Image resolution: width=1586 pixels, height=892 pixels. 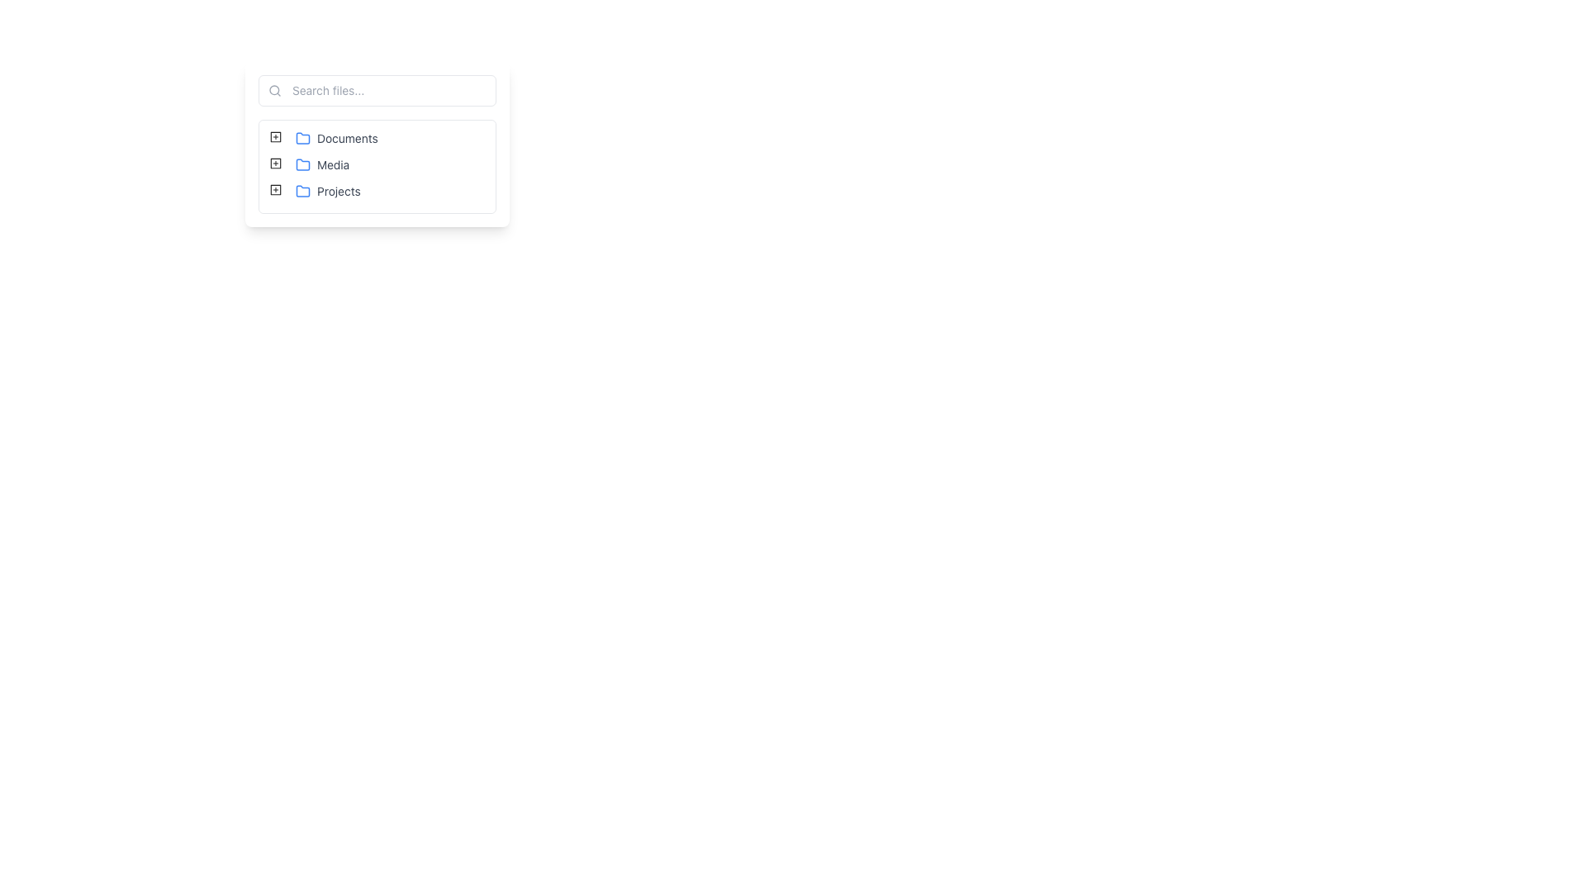 What do you see at coordinates (276, 165) in the screenshot?
I see `the Toggle button located to the left of the 'Media' label` at bounding box center [276, 165].